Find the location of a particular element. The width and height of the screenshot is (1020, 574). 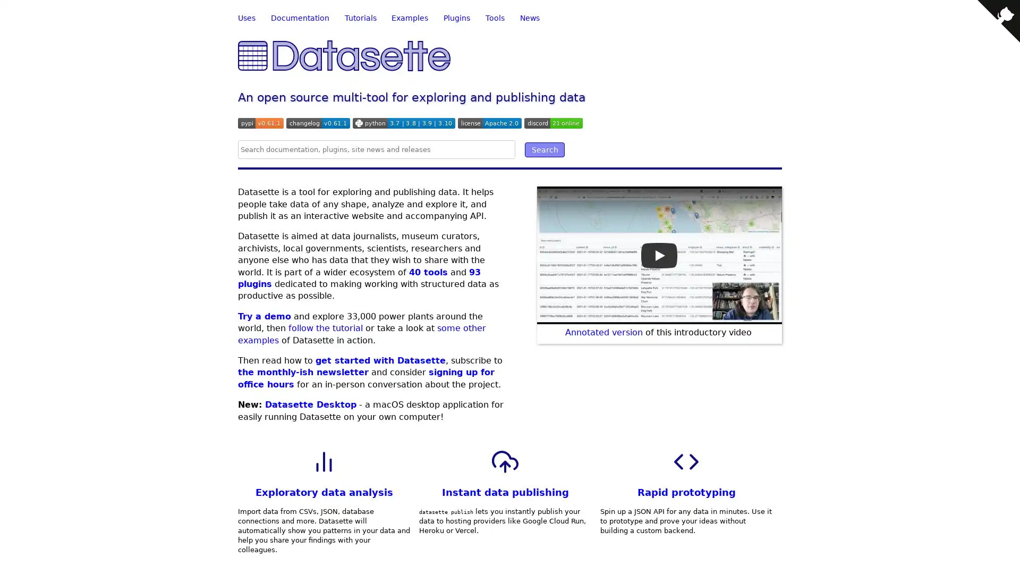

Play: Introduction to Datasette and sqlite-utils is located at coordinates (659, 255).